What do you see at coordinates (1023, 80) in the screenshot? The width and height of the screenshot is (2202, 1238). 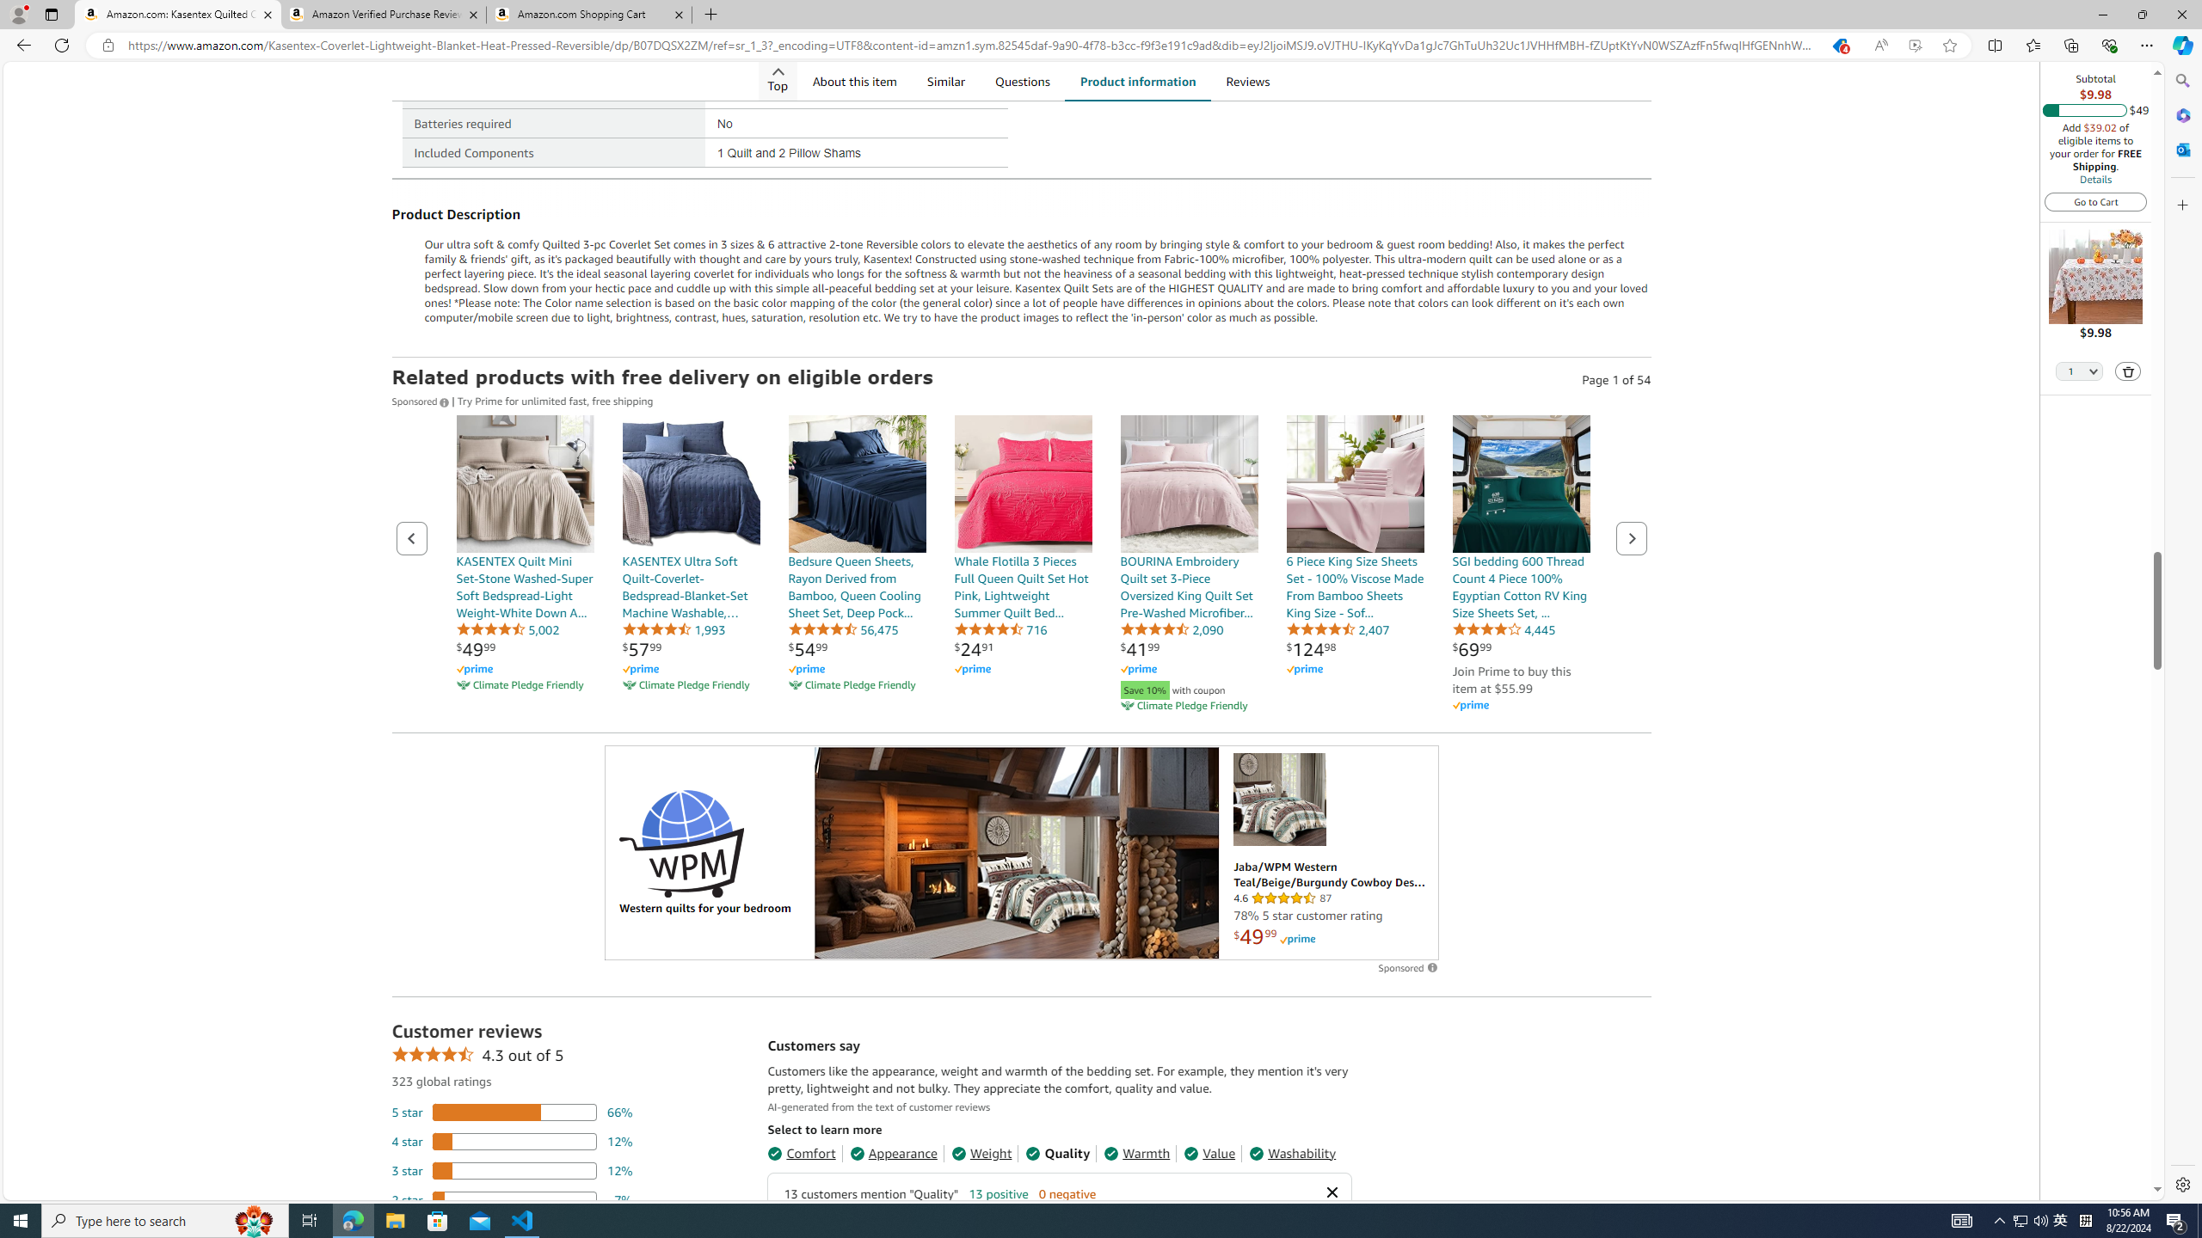 I see `'Questions'` at bounding box center [1023, 80].